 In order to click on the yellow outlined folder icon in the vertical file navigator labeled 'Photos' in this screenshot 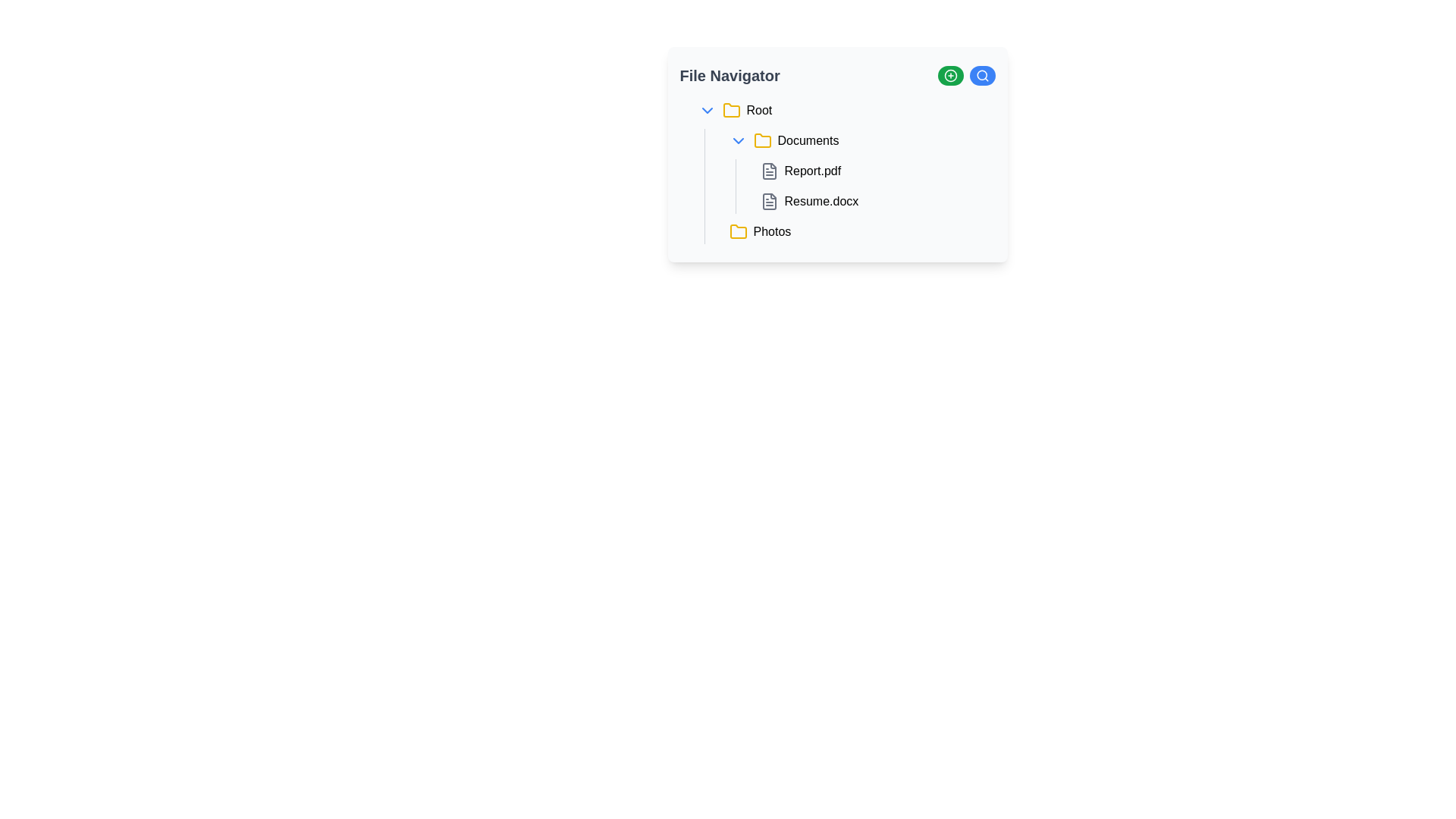, I will do `click(738, 231)`.